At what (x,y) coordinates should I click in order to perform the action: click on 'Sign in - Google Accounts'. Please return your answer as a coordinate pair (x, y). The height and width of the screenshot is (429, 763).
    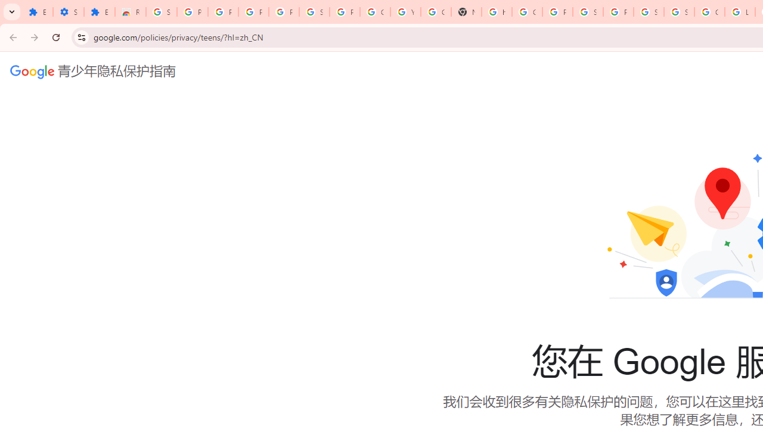
    Looking at the image, I should click on (679, 12).